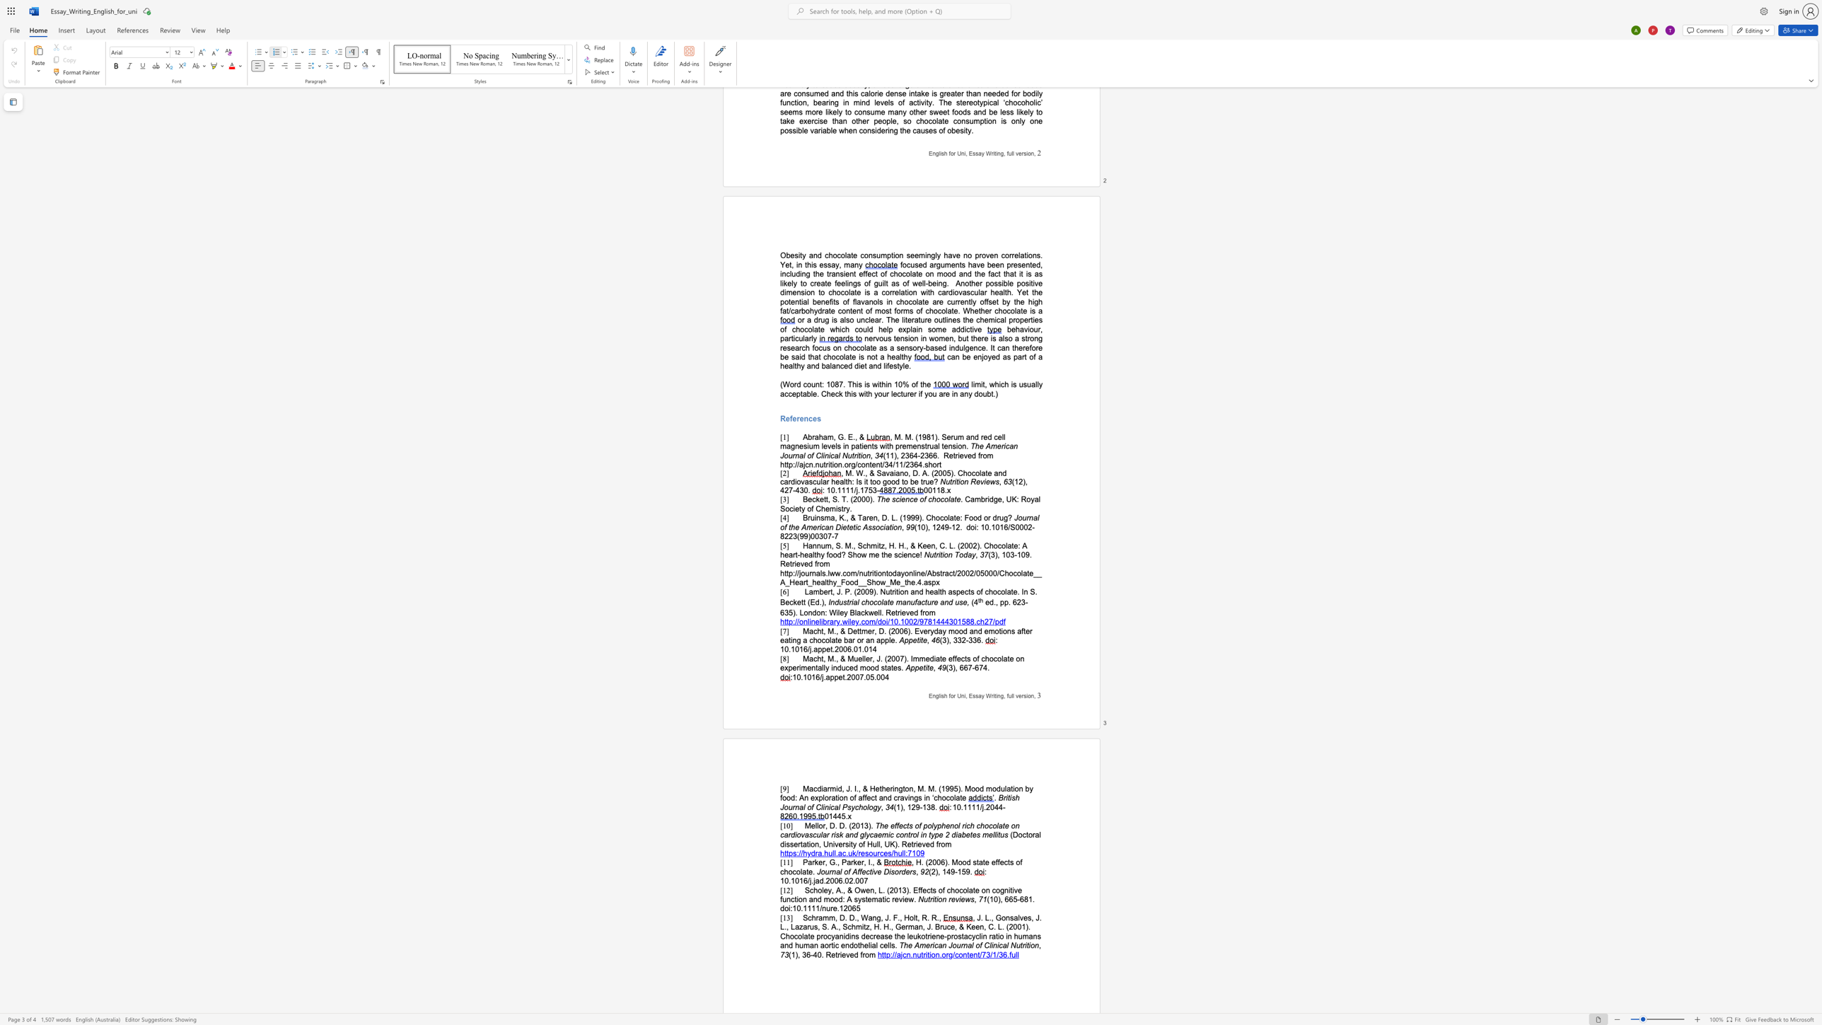 The height and width of the screenshot is (1025, 1822). What do you see at coordinates (1004, 602) in the screenshot?
I see `the space between the continuous character "p" and "p" in the text` at bounding box center [1004, 602].